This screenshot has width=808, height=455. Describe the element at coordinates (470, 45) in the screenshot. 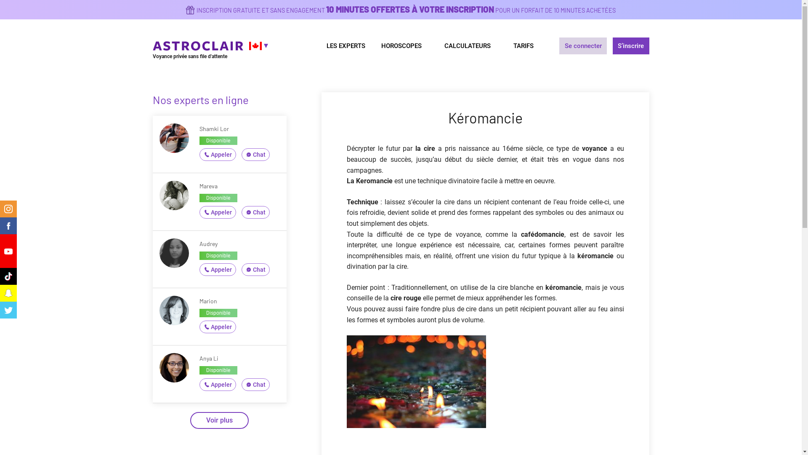

I see `'CALCULATEURS'` at that location.